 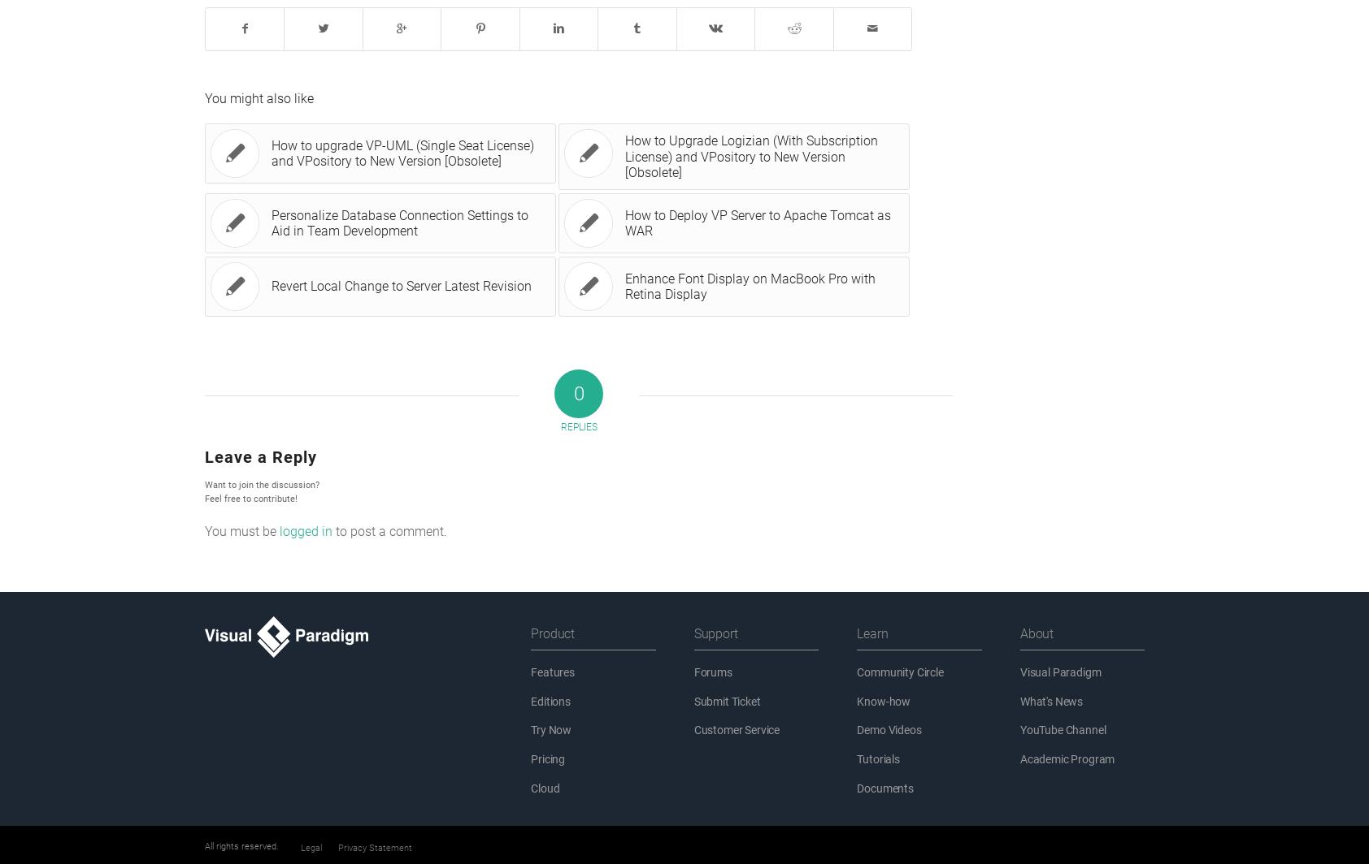 I want to click on 'About', so click(x=1035, y=633).